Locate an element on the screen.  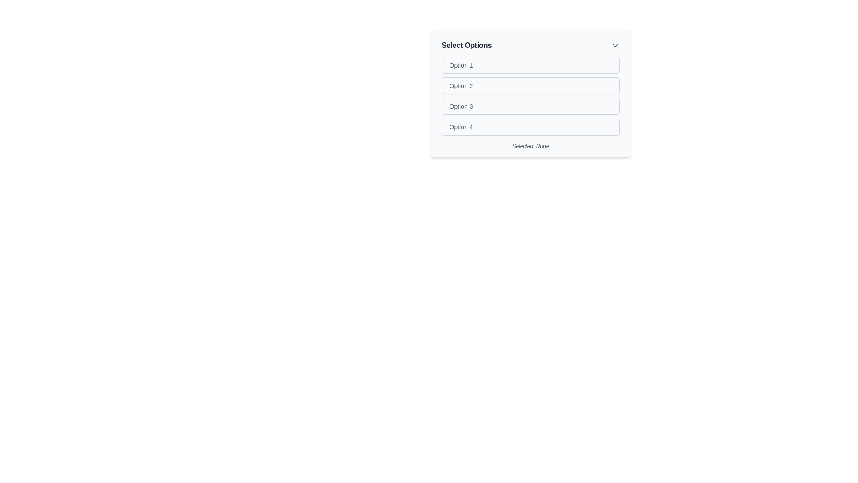
the 'Option 4' button, which is a horizontally-stretched rectangular button with a white background and rounded corners, located at the bottom of a list of similarly-styled buttons is located at coordinates (530, 127).